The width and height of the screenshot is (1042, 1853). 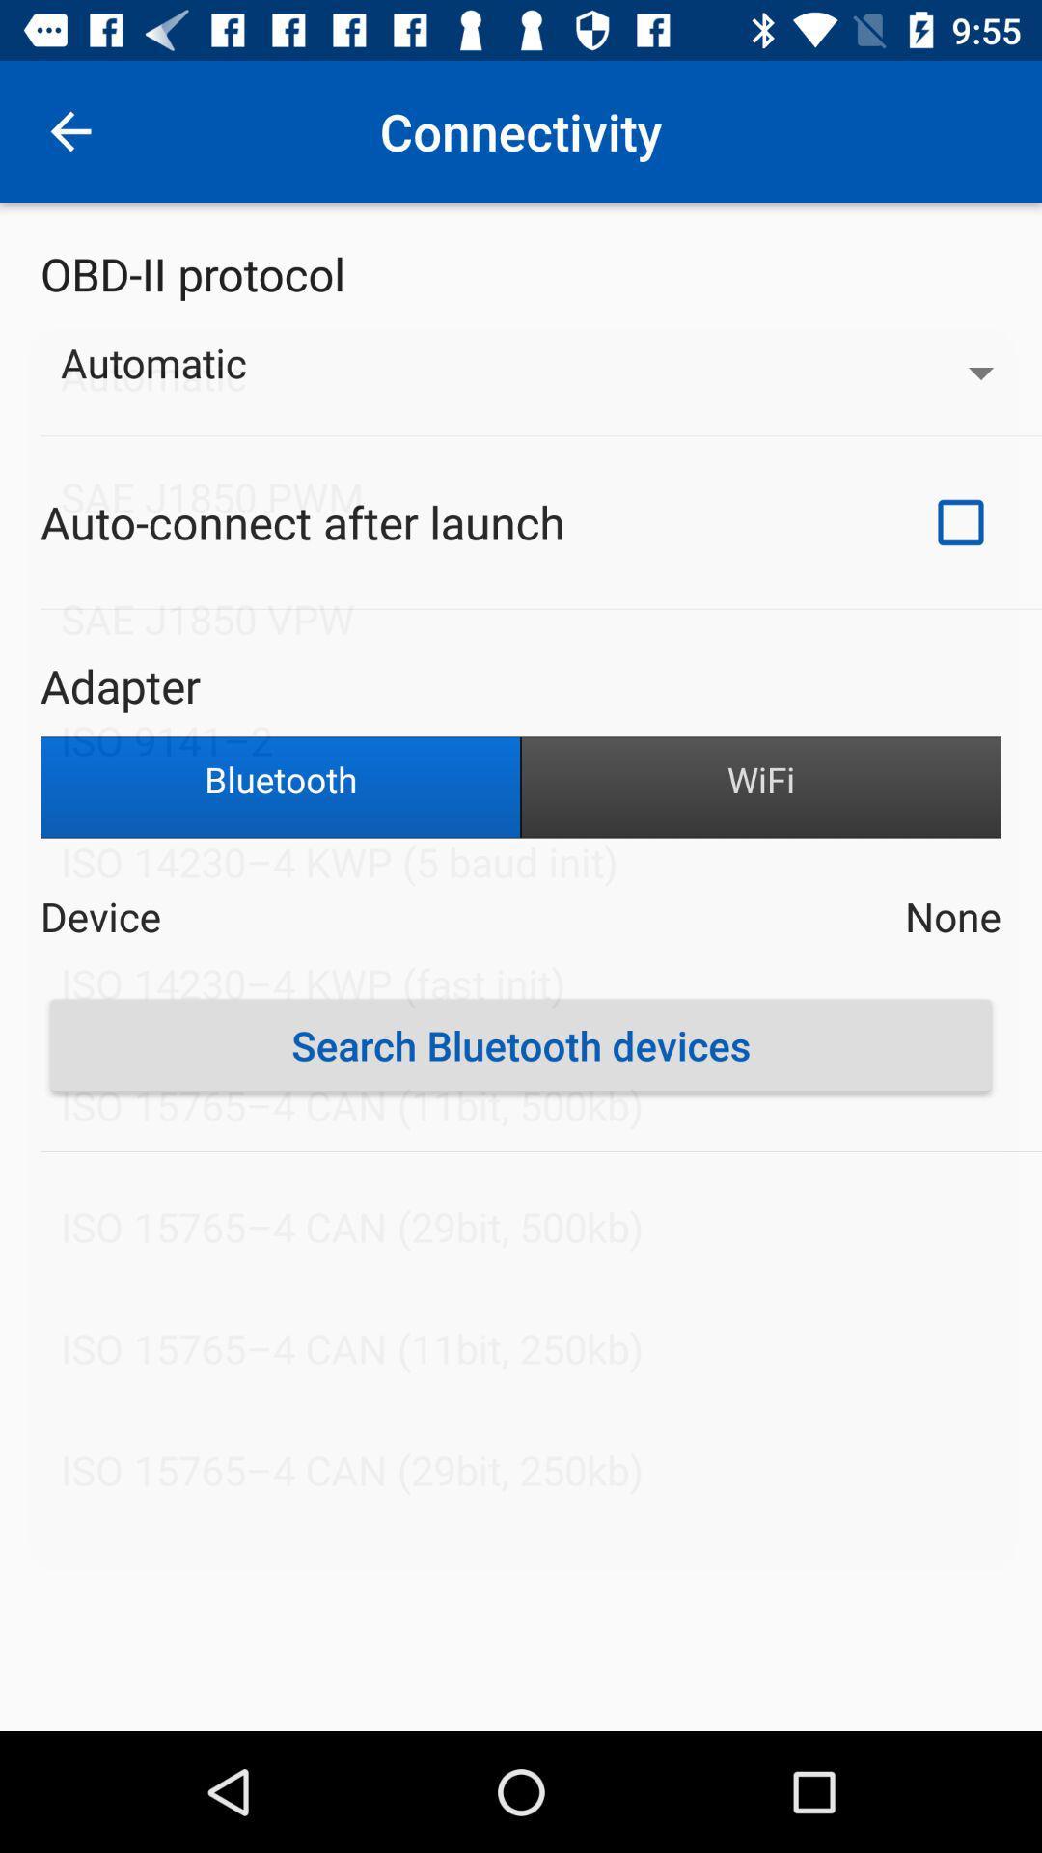 What do you see at coordinates (760, 788) in the screenshot?
I see `the icon above the none item` at bounding box center [760, 788].